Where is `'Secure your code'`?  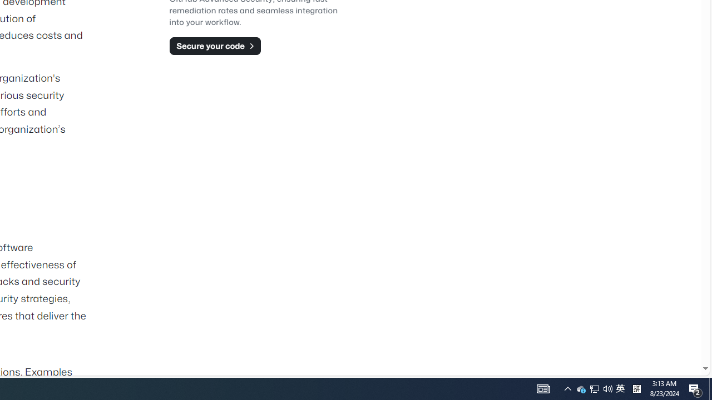
'Secure your code' is located at coordinates (215, 45).